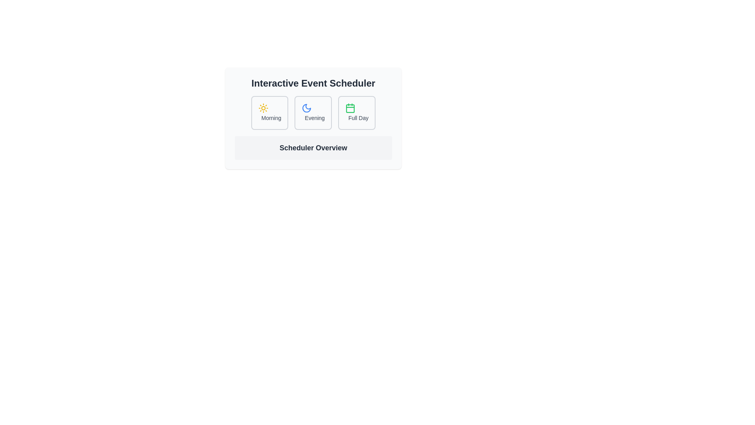 This screenshot has width=755, height=425. Describe the element at coordinates (315, 118) in the screenshot. I see `the 'Evening' text label that indicates it represents the 'Evening' category within the scheduling interface, located beneath the moon icon` at that location.